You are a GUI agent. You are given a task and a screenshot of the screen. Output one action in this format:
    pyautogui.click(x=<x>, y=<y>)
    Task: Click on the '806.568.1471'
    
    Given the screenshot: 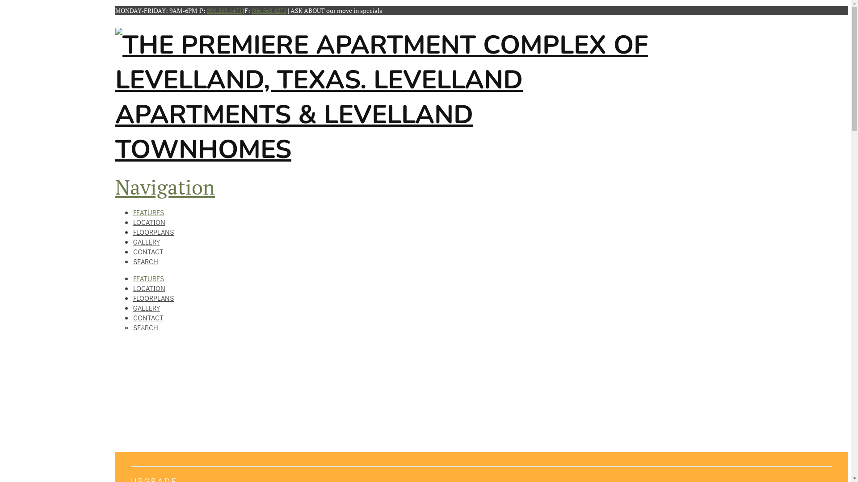 What is the action you would take?
    pyautogui.click(x=224, y=10)
    